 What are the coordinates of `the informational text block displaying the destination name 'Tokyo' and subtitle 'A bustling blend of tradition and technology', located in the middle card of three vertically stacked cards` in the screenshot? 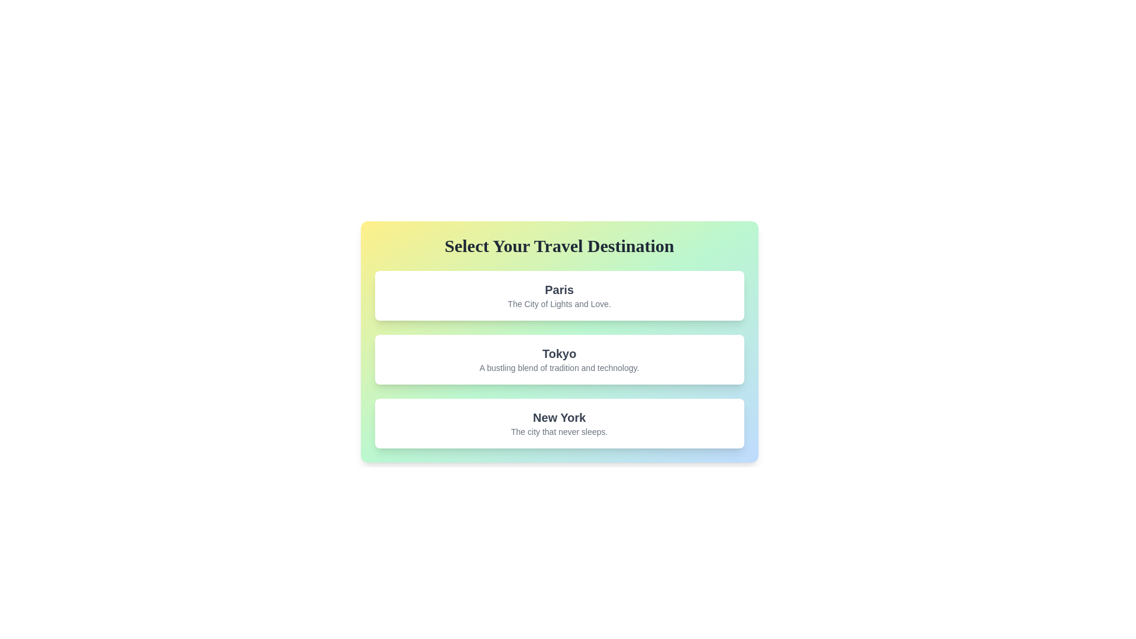 It's located at (559, 359).